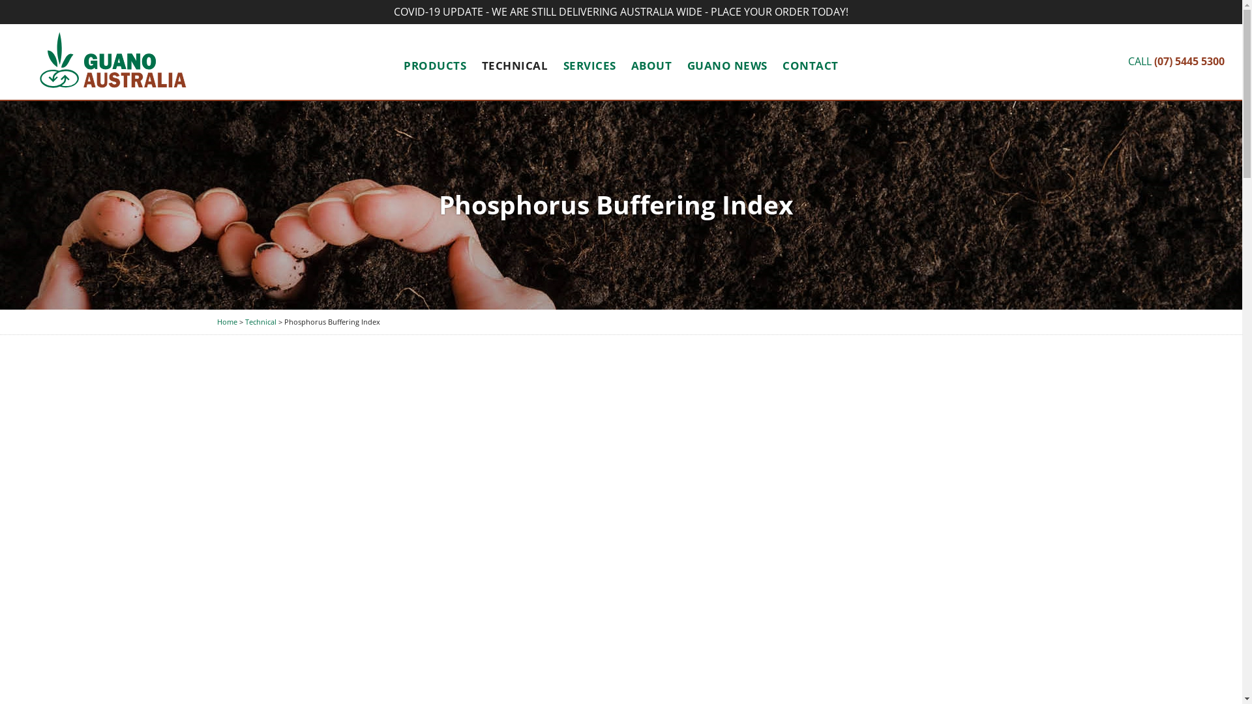 The image size is (1252, 704). What do you see at coordinates (810, 65) in the screenshot?
I see `'CONTACT'` at bounding box center [810, 65].